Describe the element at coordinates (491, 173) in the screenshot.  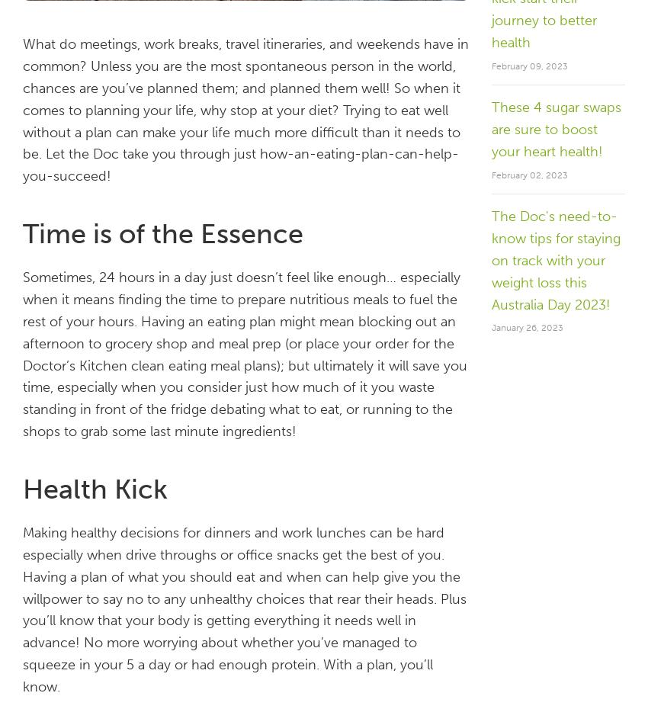
I see `'February 02, 2023'` at that location.